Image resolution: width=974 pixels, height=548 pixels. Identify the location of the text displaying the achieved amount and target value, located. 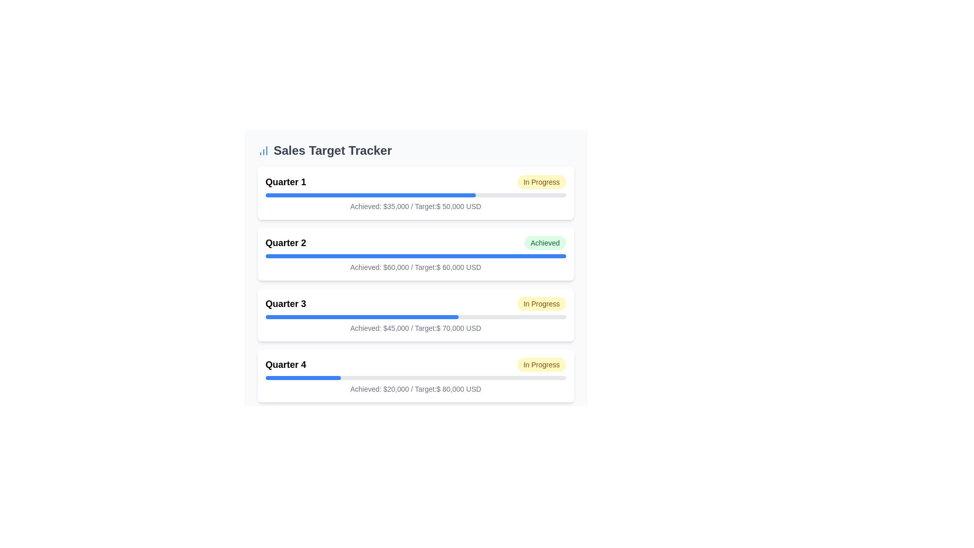
(415, 328).